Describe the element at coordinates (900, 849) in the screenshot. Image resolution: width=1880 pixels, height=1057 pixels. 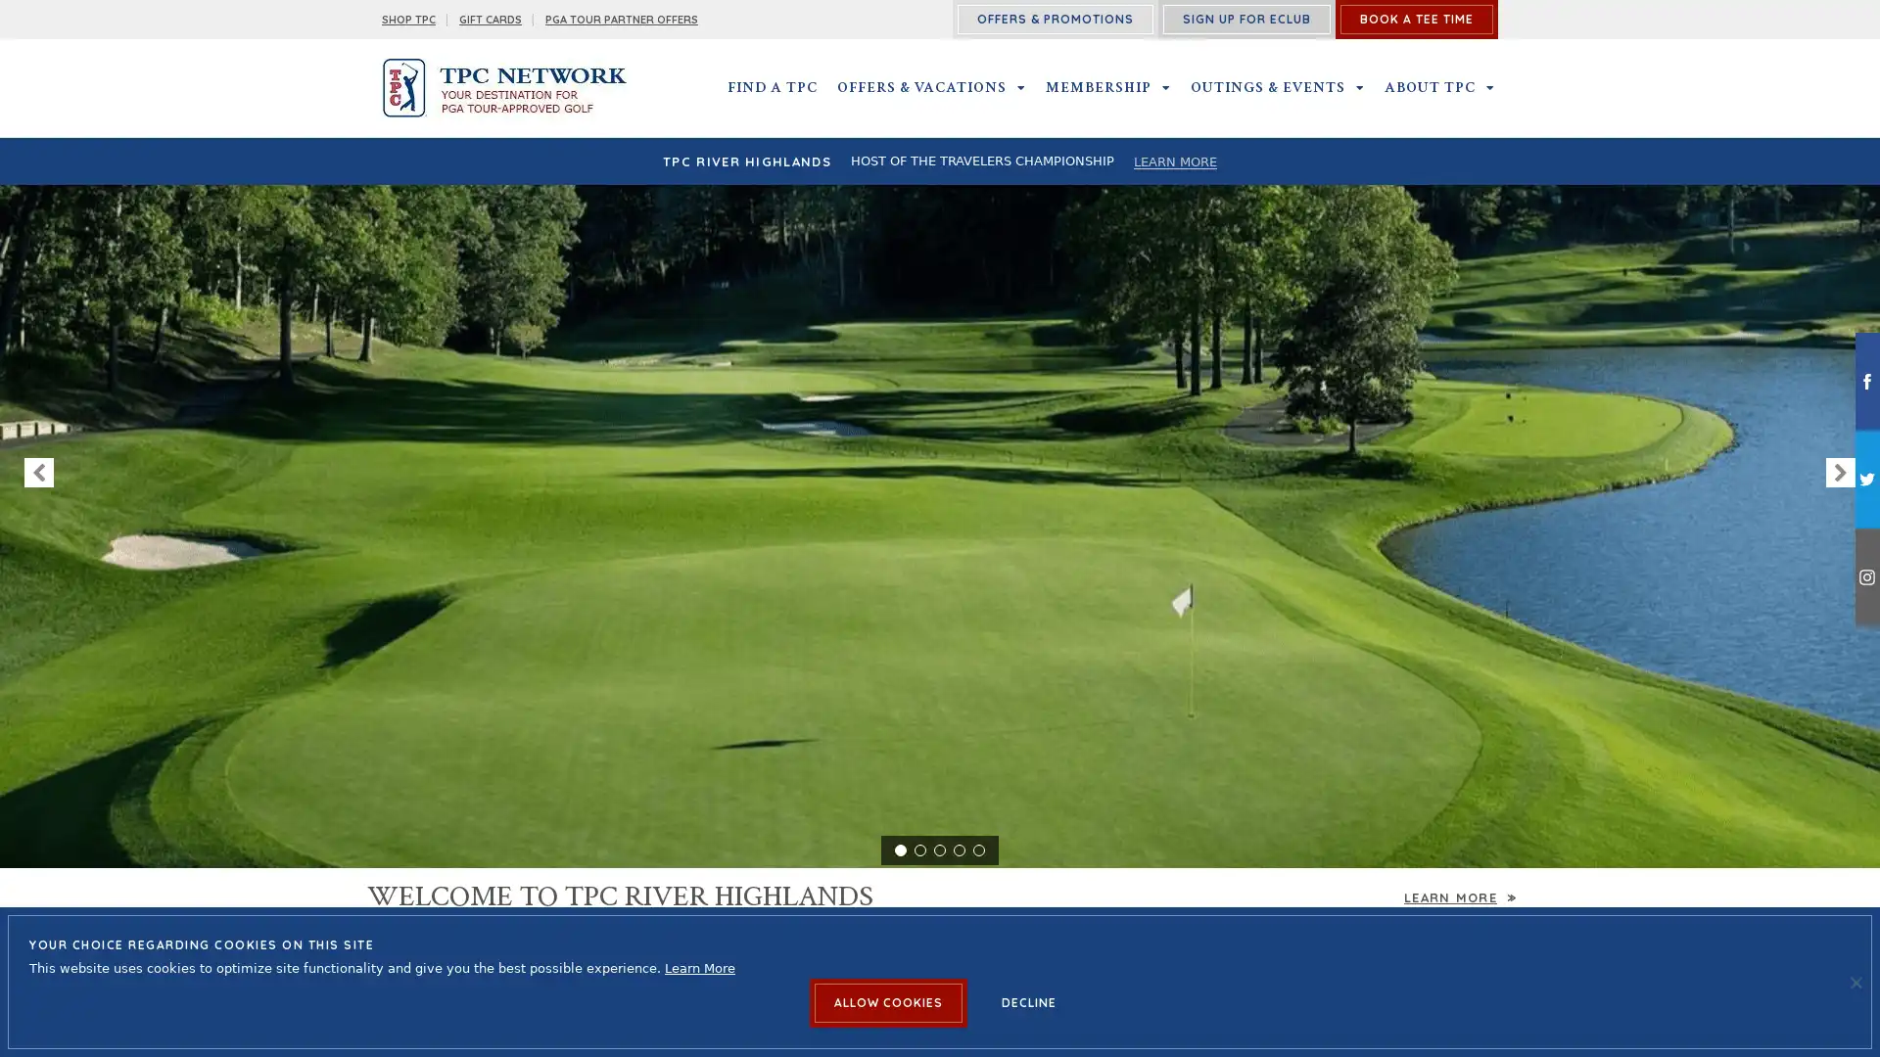
I see `1 of 5` at that location.